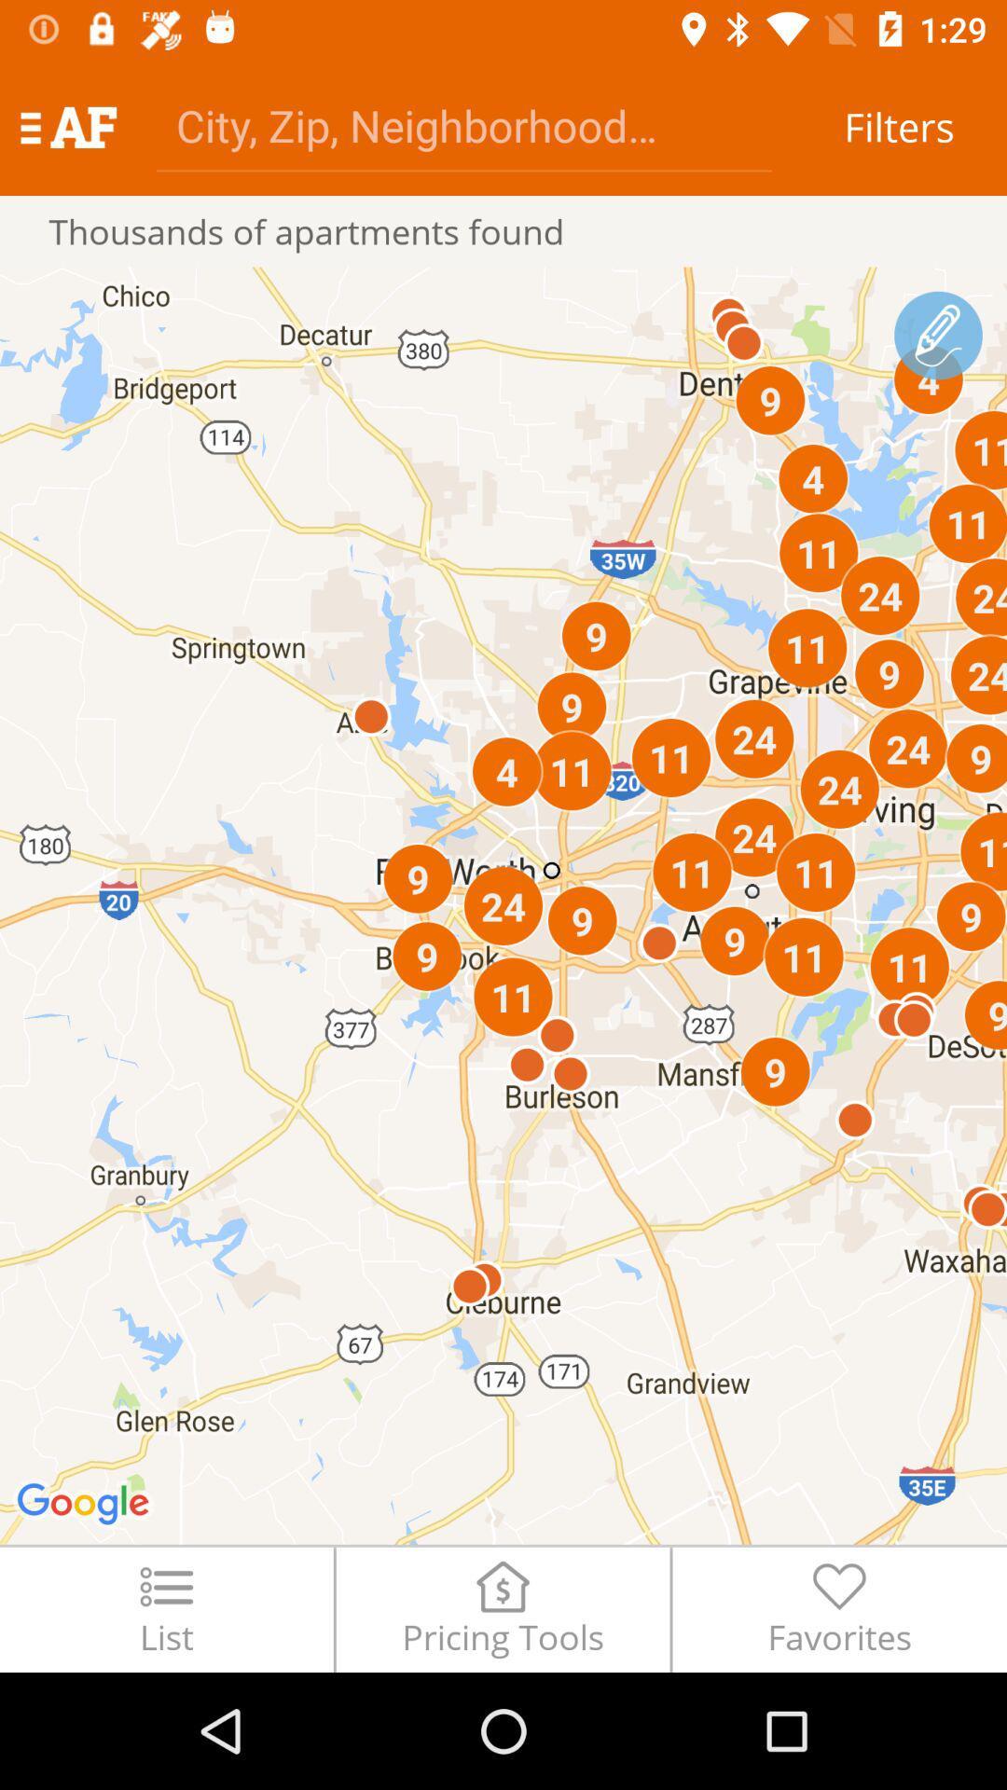  I want to click on item next to filters item, so click(462, 124).